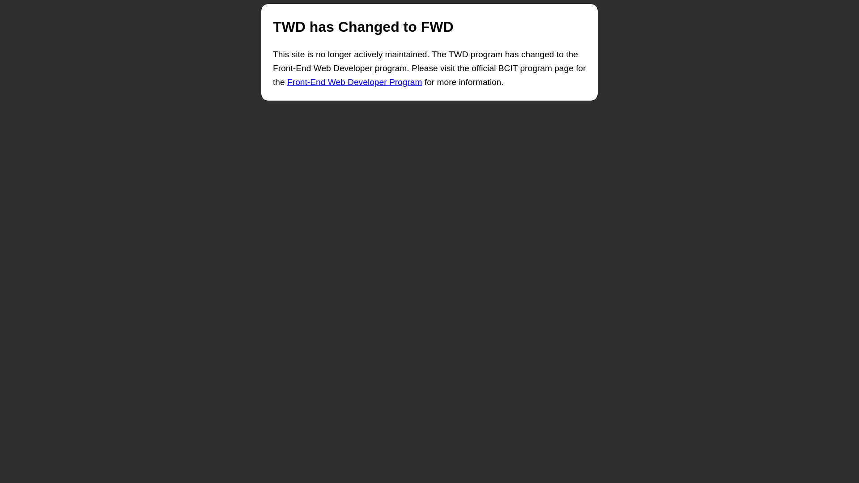 This screenshot has width=859, height=483. What do you see at coordinates (354, 82) in the screenshot?
I see `'Front-End Web Developer Program'` at bounding box center [354, 82].